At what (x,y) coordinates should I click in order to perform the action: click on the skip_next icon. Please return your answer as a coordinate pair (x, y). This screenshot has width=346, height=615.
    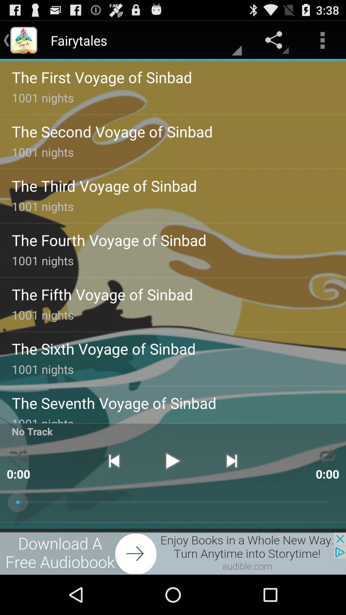
    Looking at the image, I should click on (232, 493).